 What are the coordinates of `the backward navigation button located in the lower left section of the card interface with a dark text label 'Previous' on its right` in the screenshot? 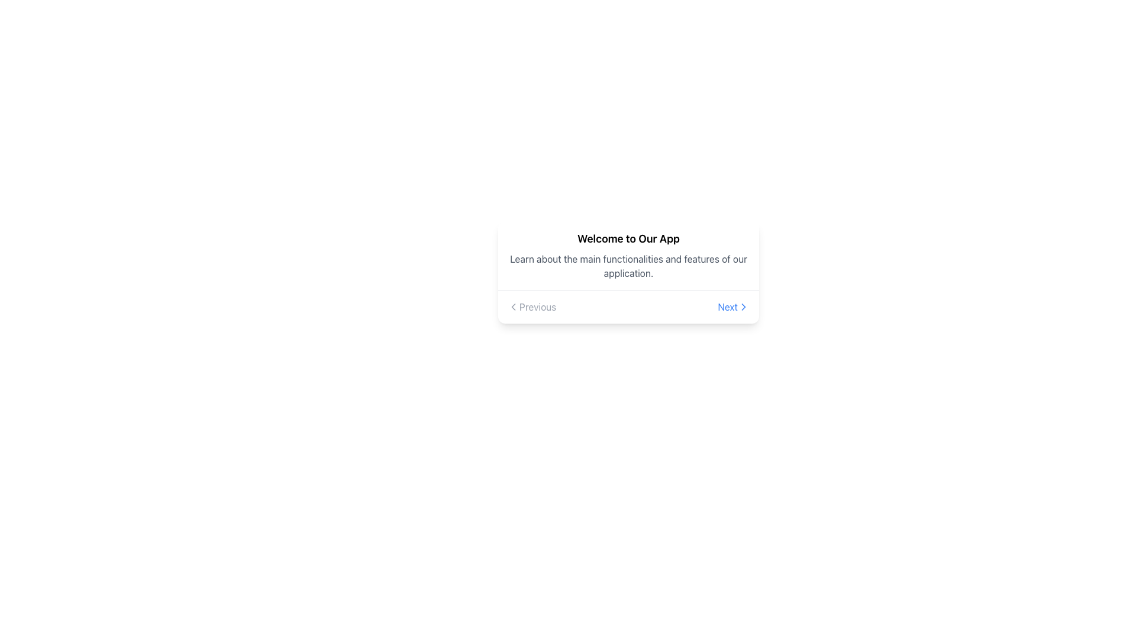 It's located at (514, 306).